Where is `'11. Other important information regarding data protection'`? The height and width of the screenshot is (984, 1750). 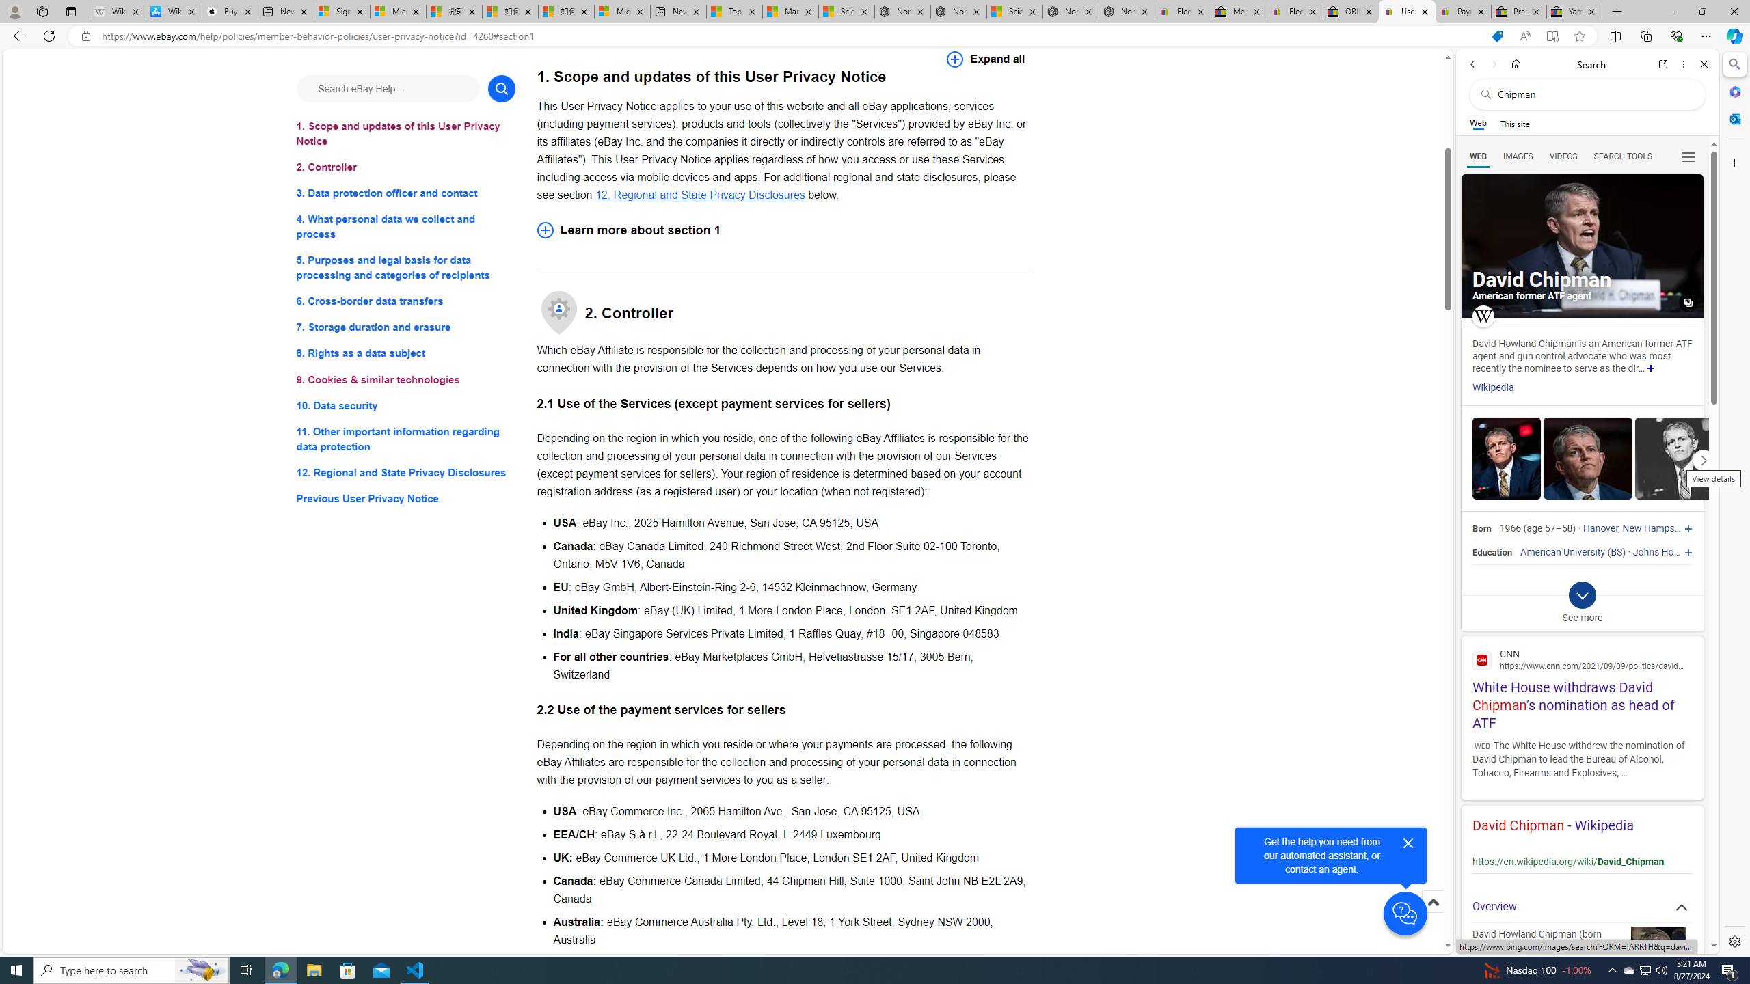 '11. Other important information regarding data protection' is located at coordinates (405, 439).